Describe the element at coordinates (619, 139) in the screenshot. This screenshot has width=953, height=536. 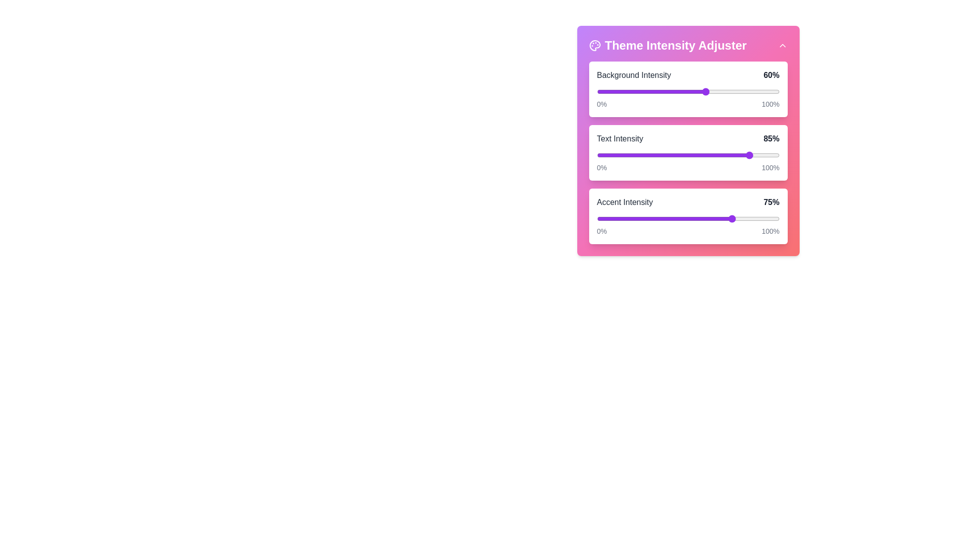
I see `the 'Text Intensity' label which is part of the Theme Intensity Adjuster card located in the middle section of the interface` at that location.